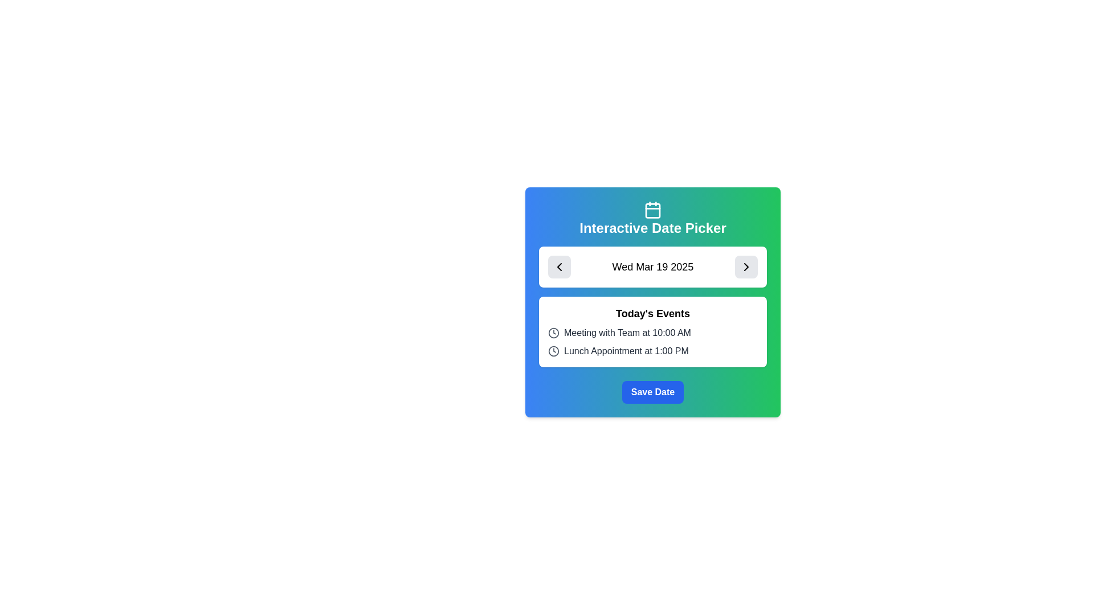 This screenshot has width=1094, height=615. Describe the element at coordinates (653, 210) in the screenshot. I see `the decorative visual aid icon representing the date picker within the 'Interactive Date Picker' card interface, positioned above the title text` at that location.